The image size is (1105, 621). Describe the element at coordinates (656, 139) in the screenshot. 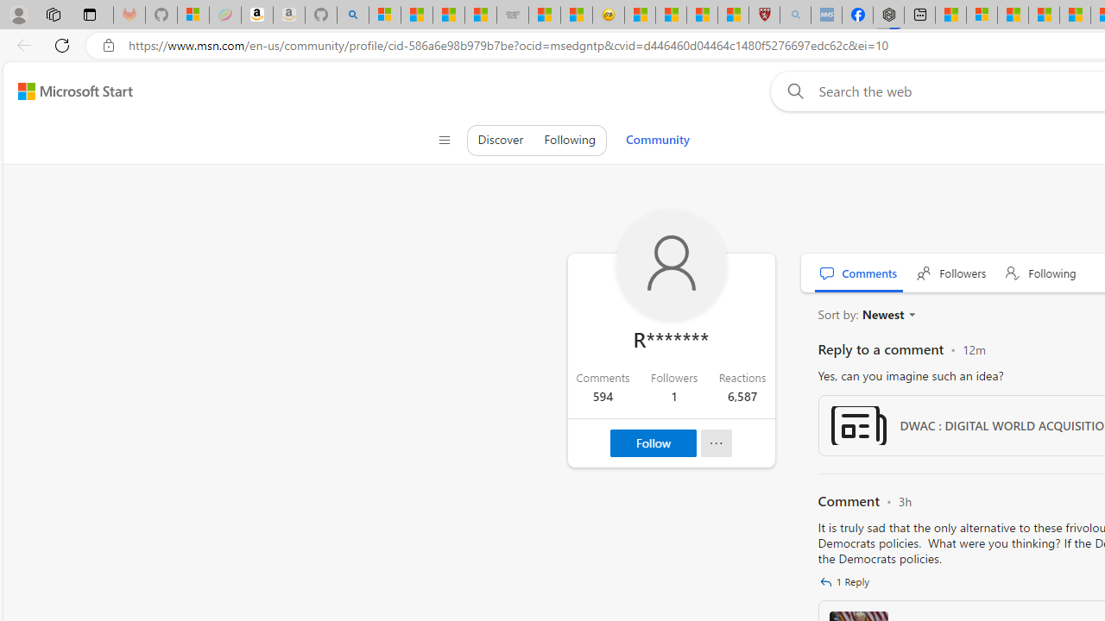

I see `'Community'` at that location.